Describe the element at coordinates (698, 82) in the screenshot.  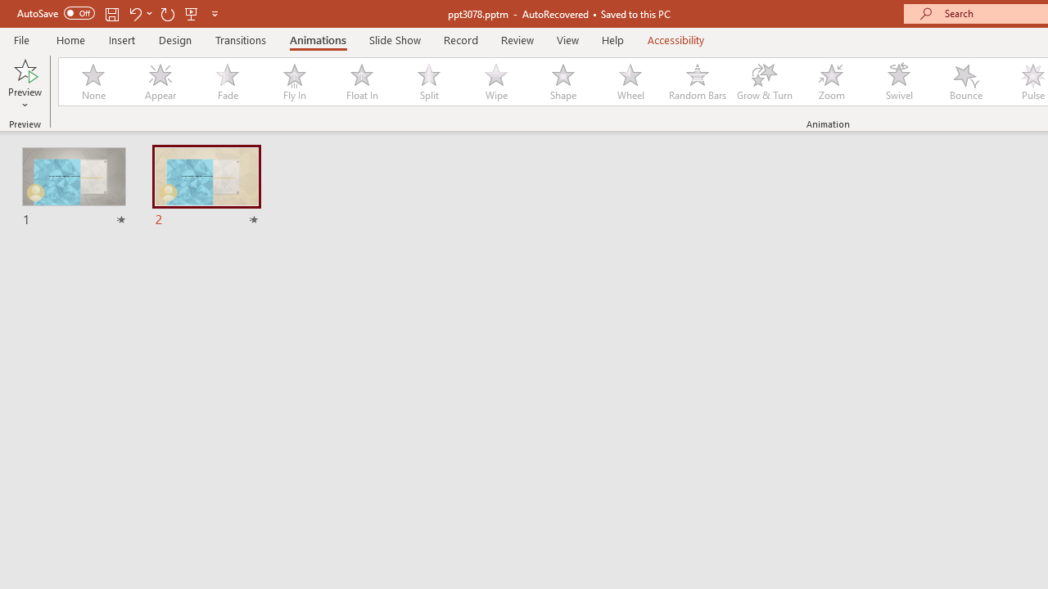
I see `'Random Bars'` at that location.